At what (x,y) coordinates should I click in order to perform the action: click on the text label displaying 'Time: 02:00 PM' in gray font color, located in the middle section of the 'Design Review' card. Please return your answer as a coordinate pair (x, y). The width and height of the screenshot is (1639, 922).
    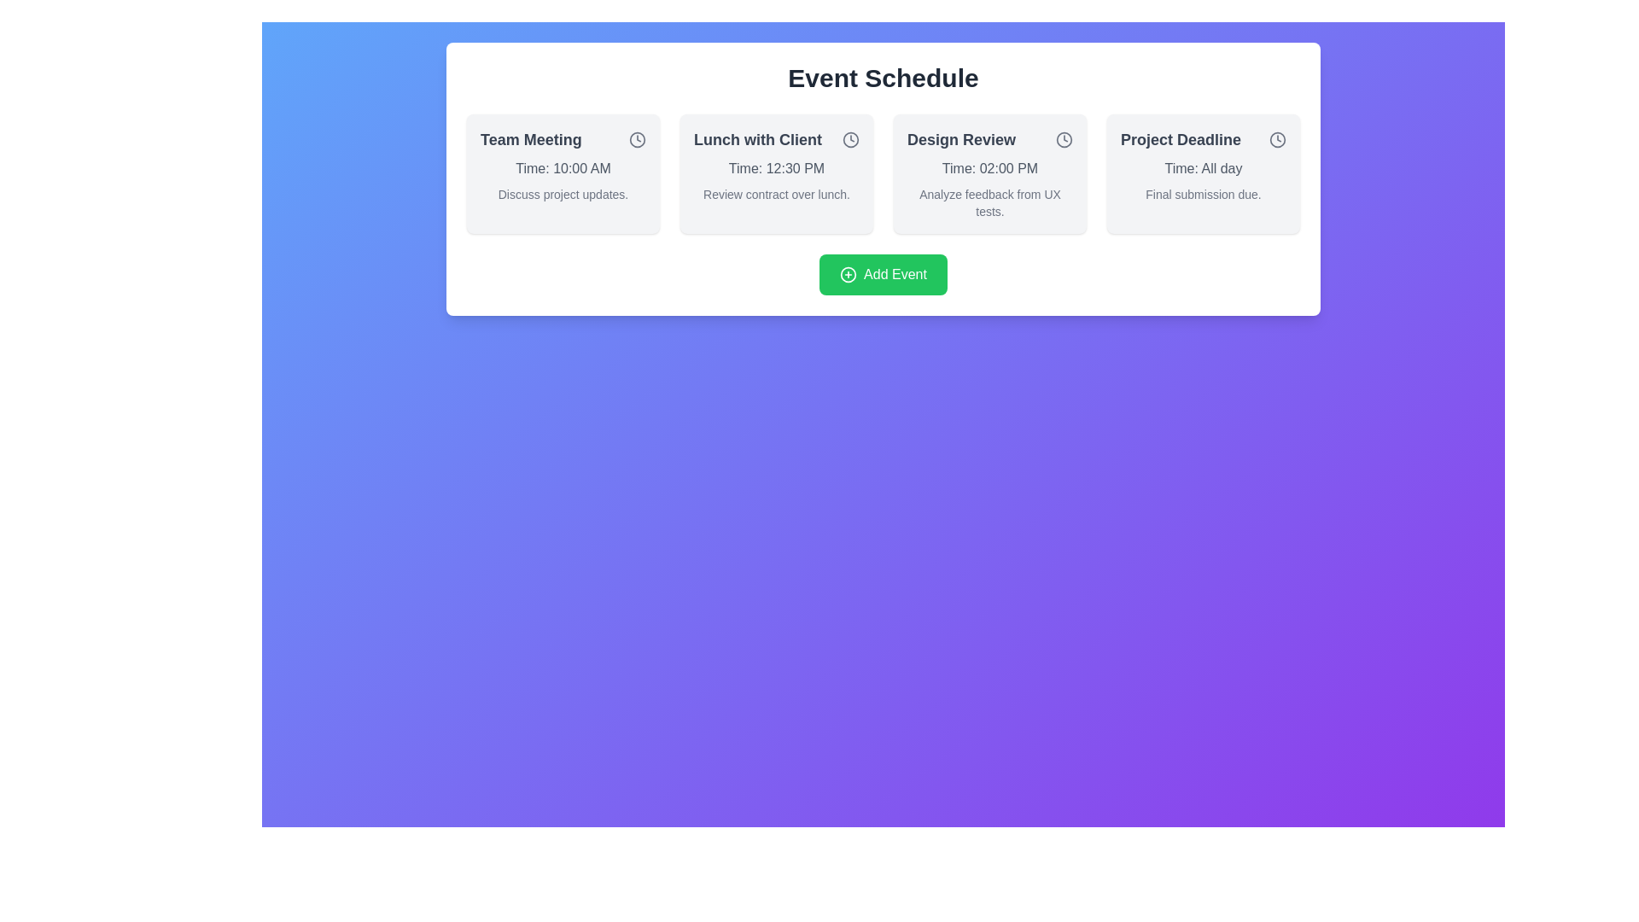
    Looking at the image, I should click on (990, 168).